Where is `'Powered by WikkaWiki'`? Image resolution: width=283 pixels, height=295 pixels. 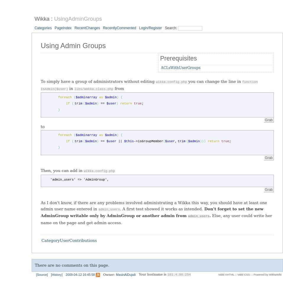 'Powered by WikkaWiki' is located at coordinates (267, 274).